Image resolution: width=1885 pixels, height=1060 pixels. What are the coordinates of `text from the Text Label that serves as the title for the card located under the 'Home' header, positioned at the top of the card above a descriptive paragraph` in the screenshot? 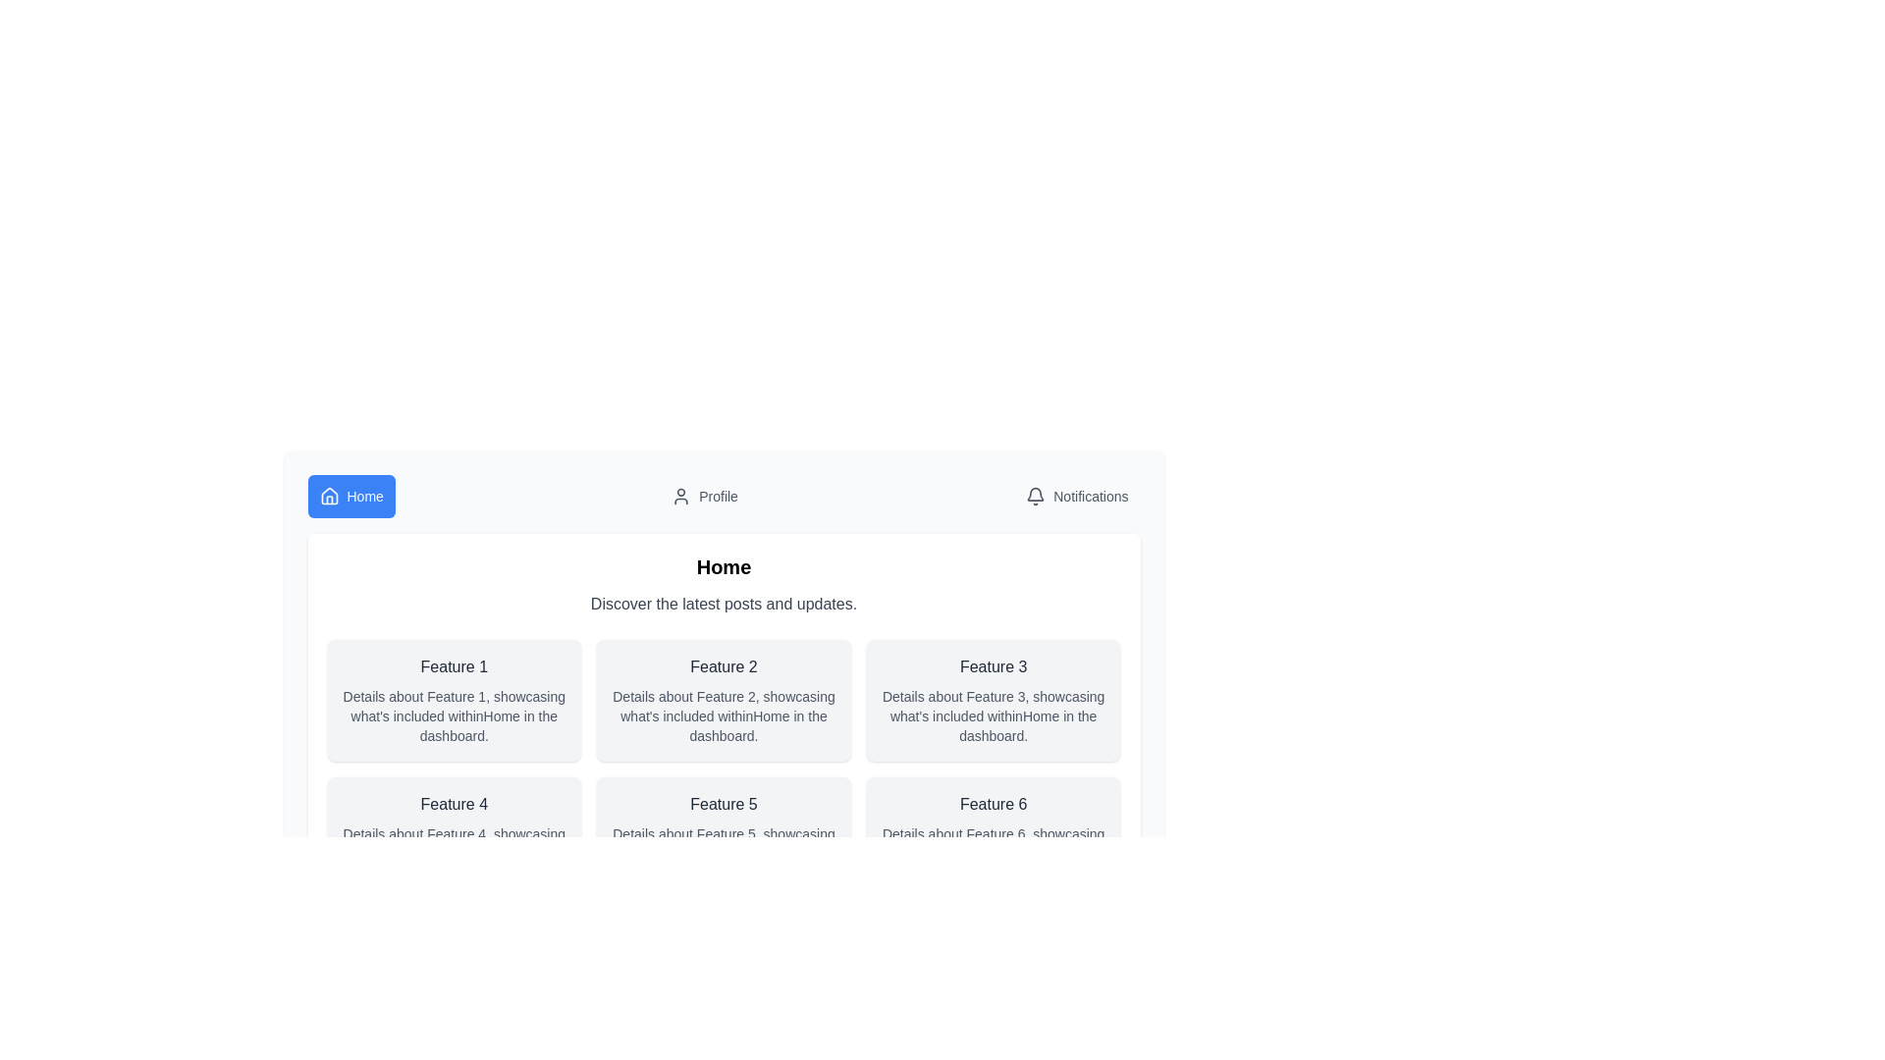 It's located at (453, 665).